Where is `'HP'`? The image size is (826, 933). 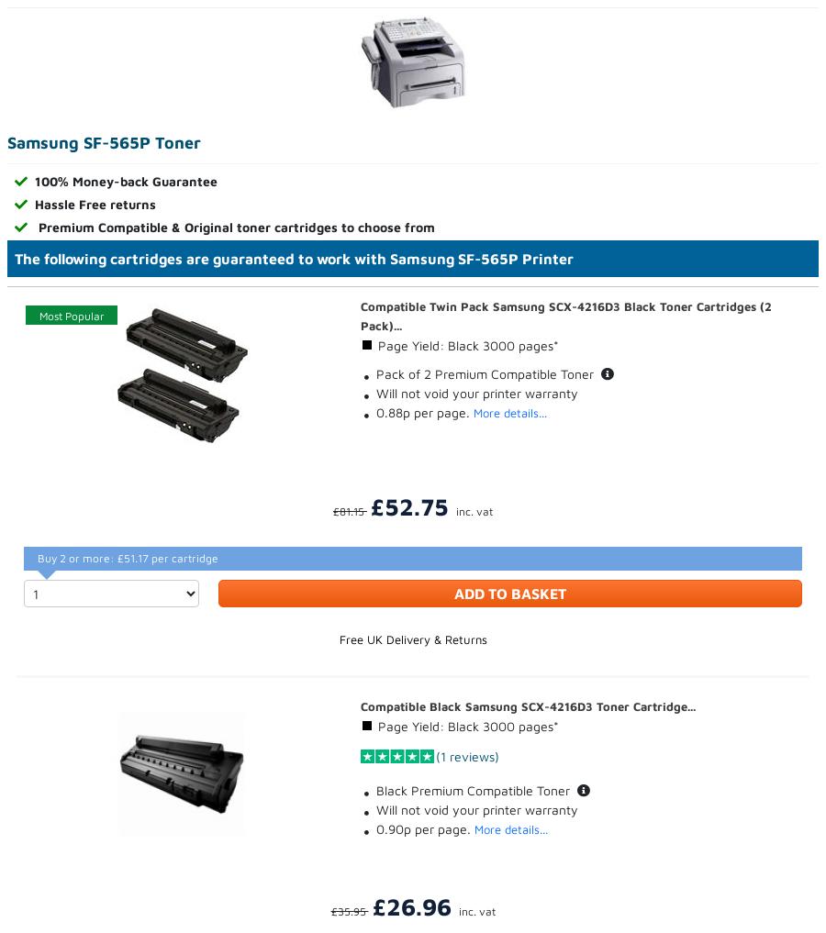 'HP' is located at coordinates (115, 601).